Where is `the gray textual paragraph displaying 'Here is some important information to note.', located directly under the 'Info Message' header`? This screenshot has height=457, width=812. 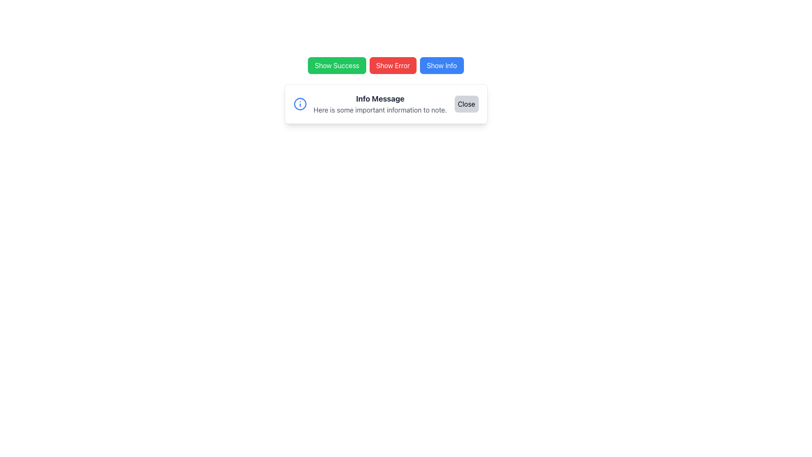 the gray textual paragraph displaying 'Here is some important information to note.', located directly under the 'Info Message' header is located at coordinates (380, 109).